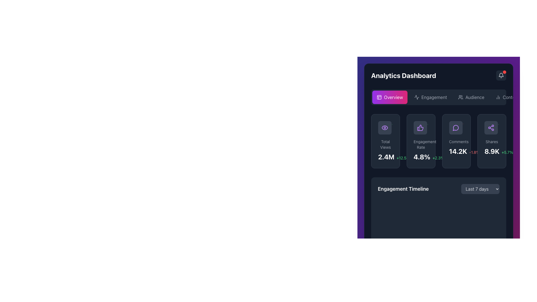 This screenshot has height=302, width=537. Describe the element at coordinates (421, 144) in the screenshot. I see `the text label displaying 'Engagement Rate' which is styled in a small gray font, positioned underneath the thumbs-up icon and above the value and percentage change indicators within the statistics box` at that location.